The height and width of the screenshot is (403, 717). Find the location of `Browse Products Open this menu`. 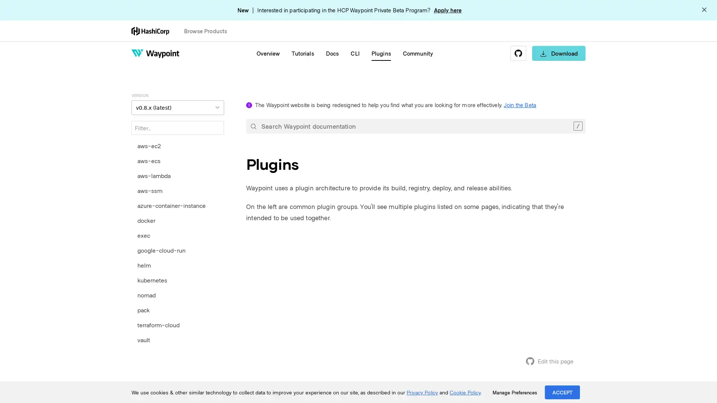

Browse Products Open this menu is located at coordinates (209, 31).